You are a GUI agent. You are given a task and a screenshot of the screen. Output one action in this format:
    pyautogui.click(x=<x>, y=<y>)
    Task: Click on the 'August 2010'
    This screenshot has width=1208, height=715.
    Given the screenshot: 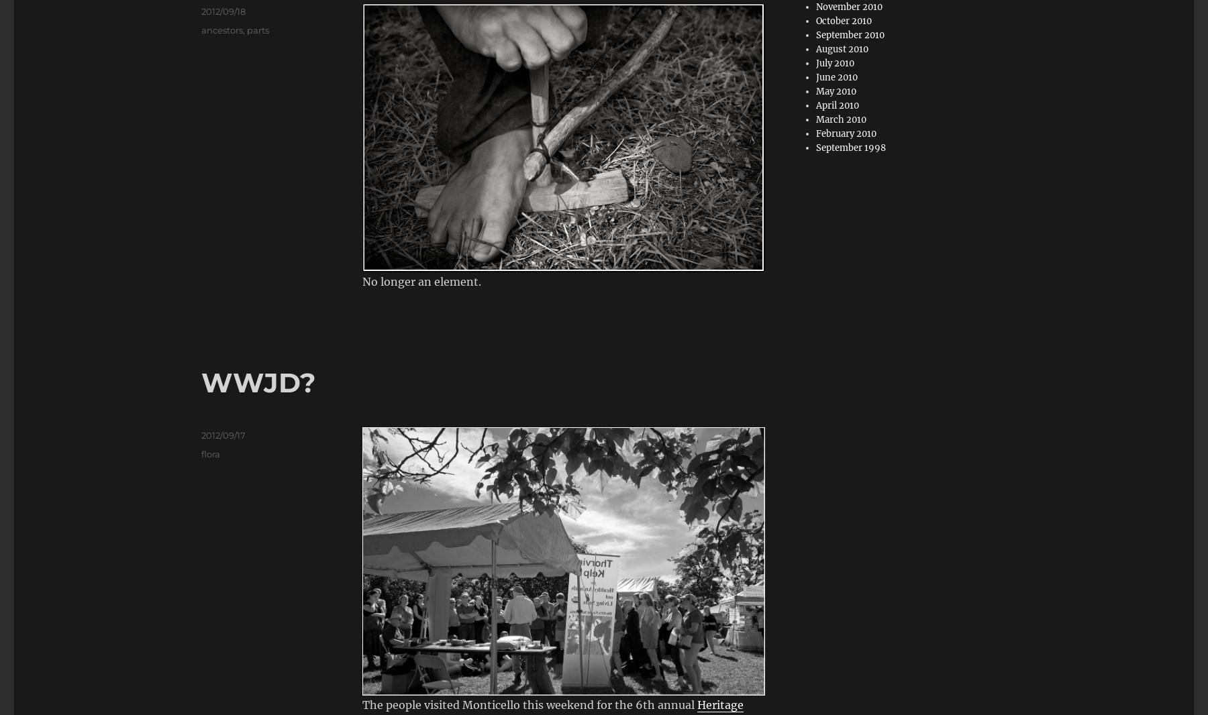 What is the action you would take?
    pyautogui.click(x=842, y=48)
    